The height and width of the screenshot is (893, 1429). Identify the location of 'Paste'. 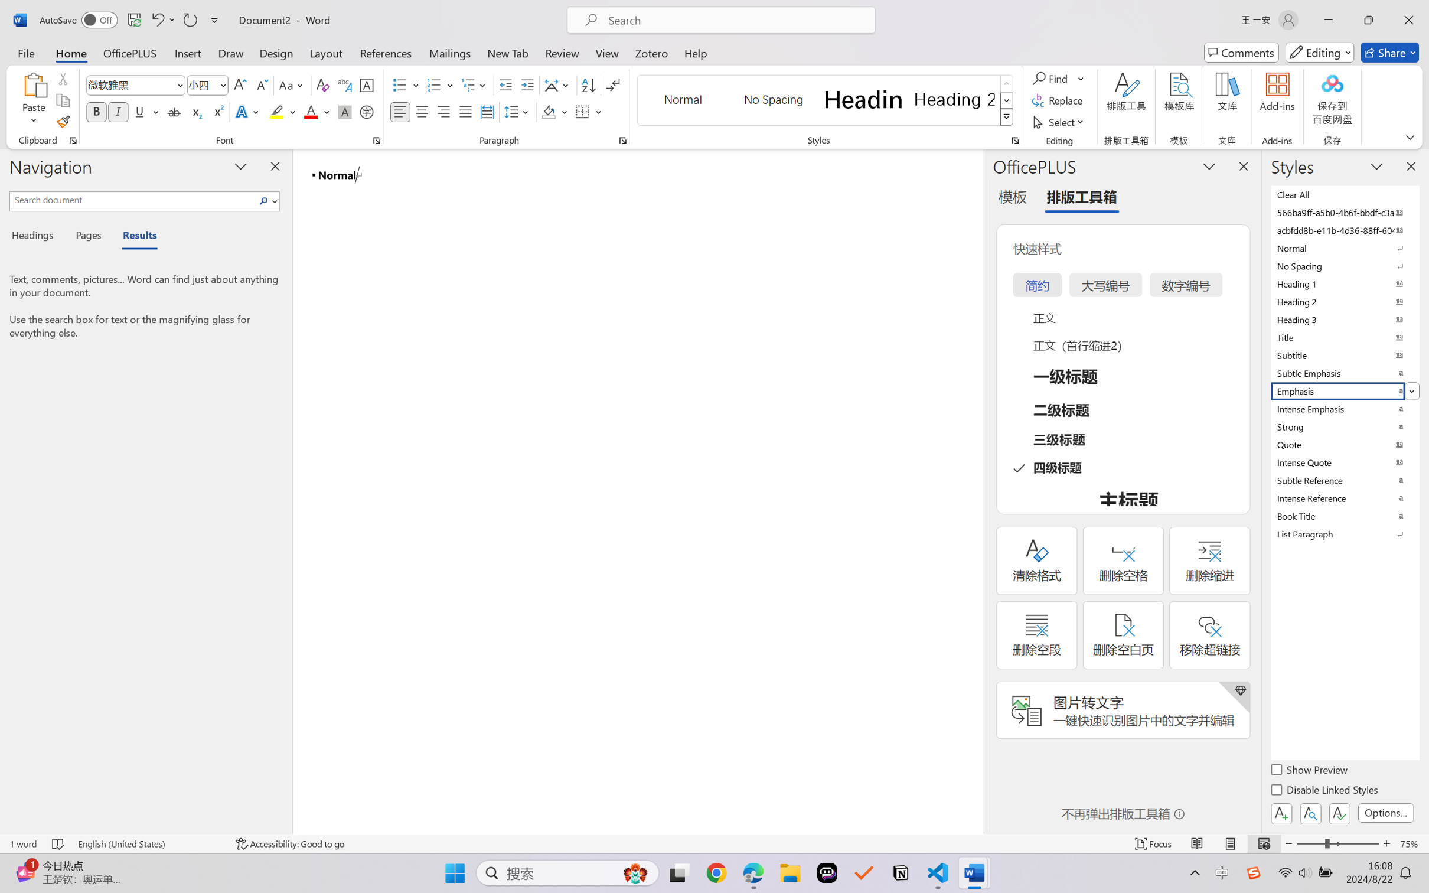
(34, 84).